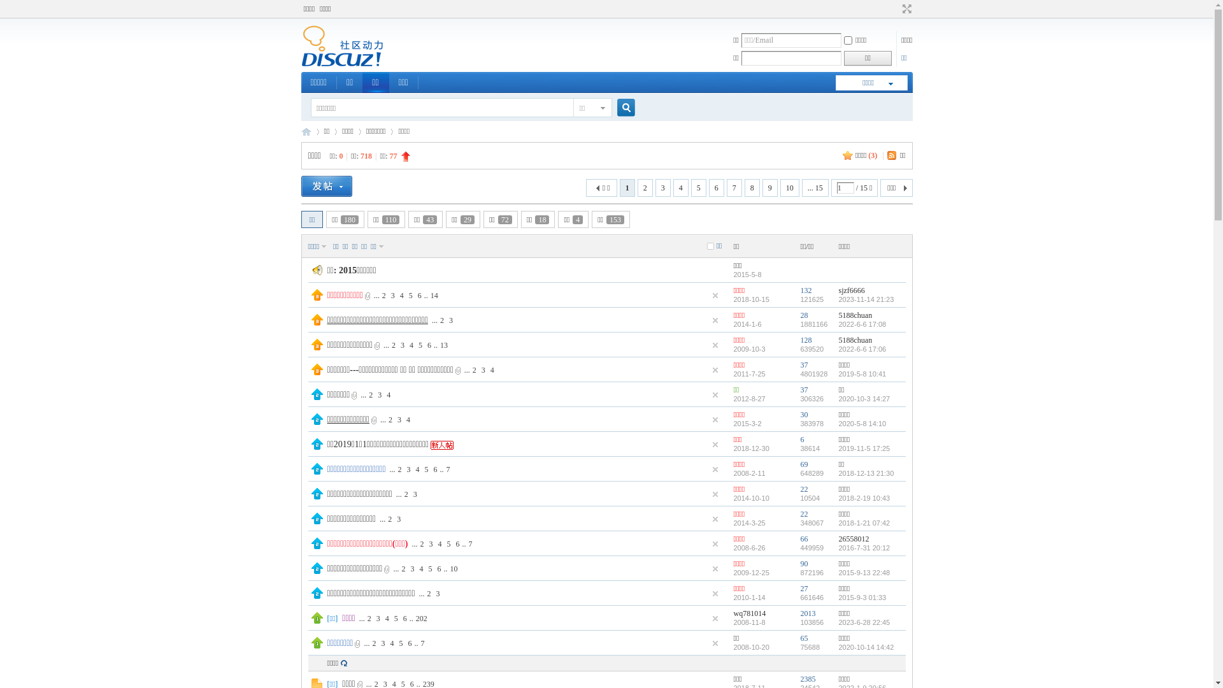  What do you see at coordinates (397, 344) in the screenshot?
I see `'3'` at bounding box center [397, 344].